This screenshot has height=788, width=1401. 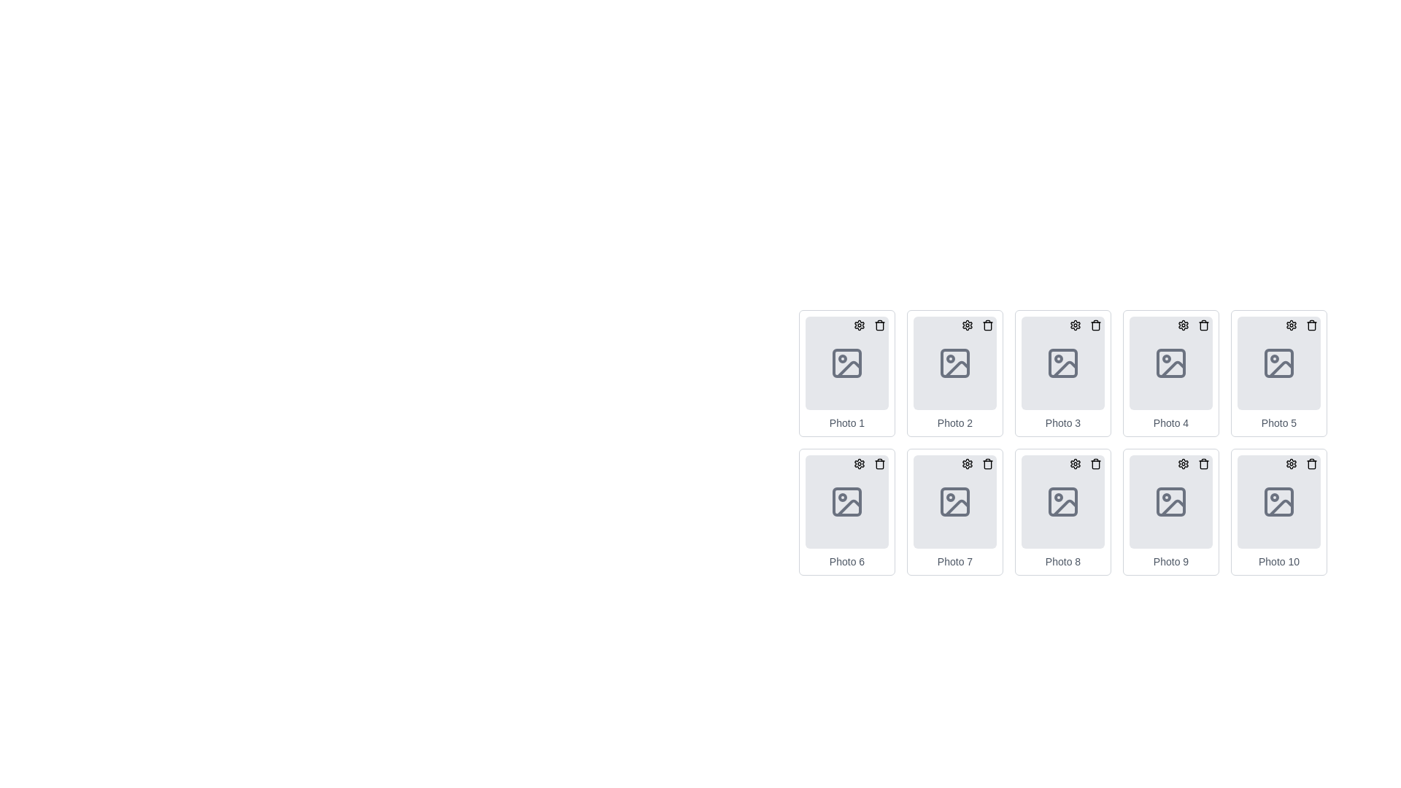 What do you see at coordinates (1096, 464) in the screenshot?
I see `the circular delete button with a trash can icon located in the top-right corner of the eighth photo box in the grid` at bounding box center [1096, 464].